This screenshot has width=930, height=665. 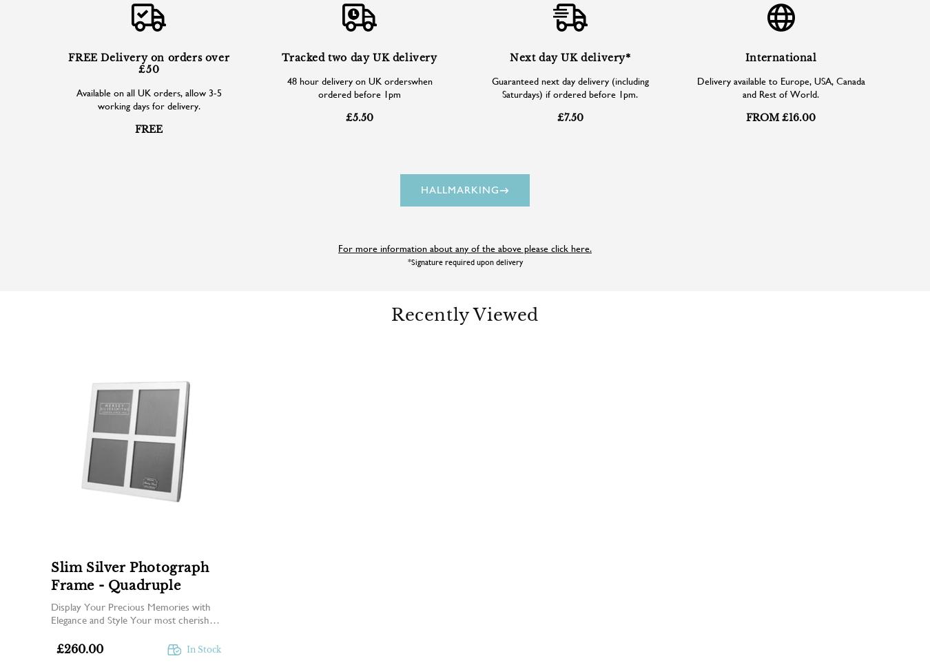 I want to click on '£7.50', so click(x=570, y=116).